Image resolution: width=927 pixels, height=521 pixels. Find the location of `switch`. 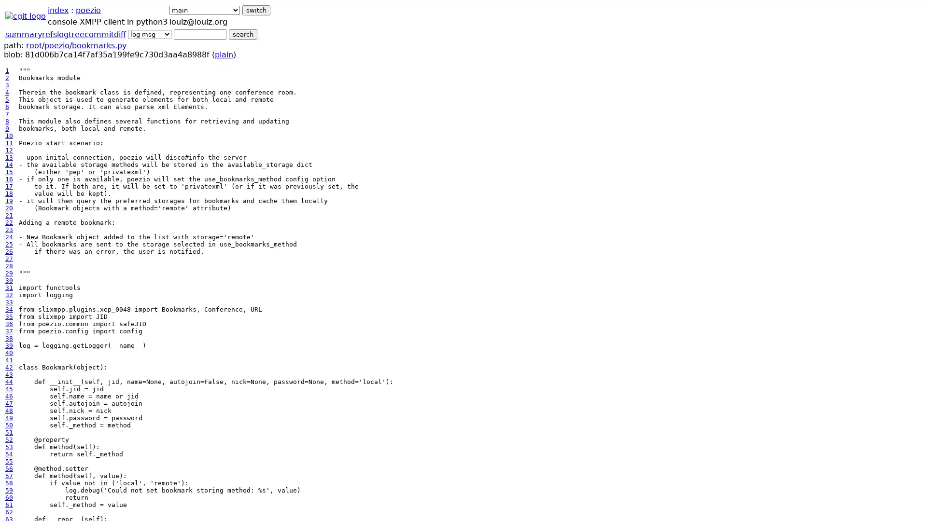

switch is located at coordinates (256, 10).